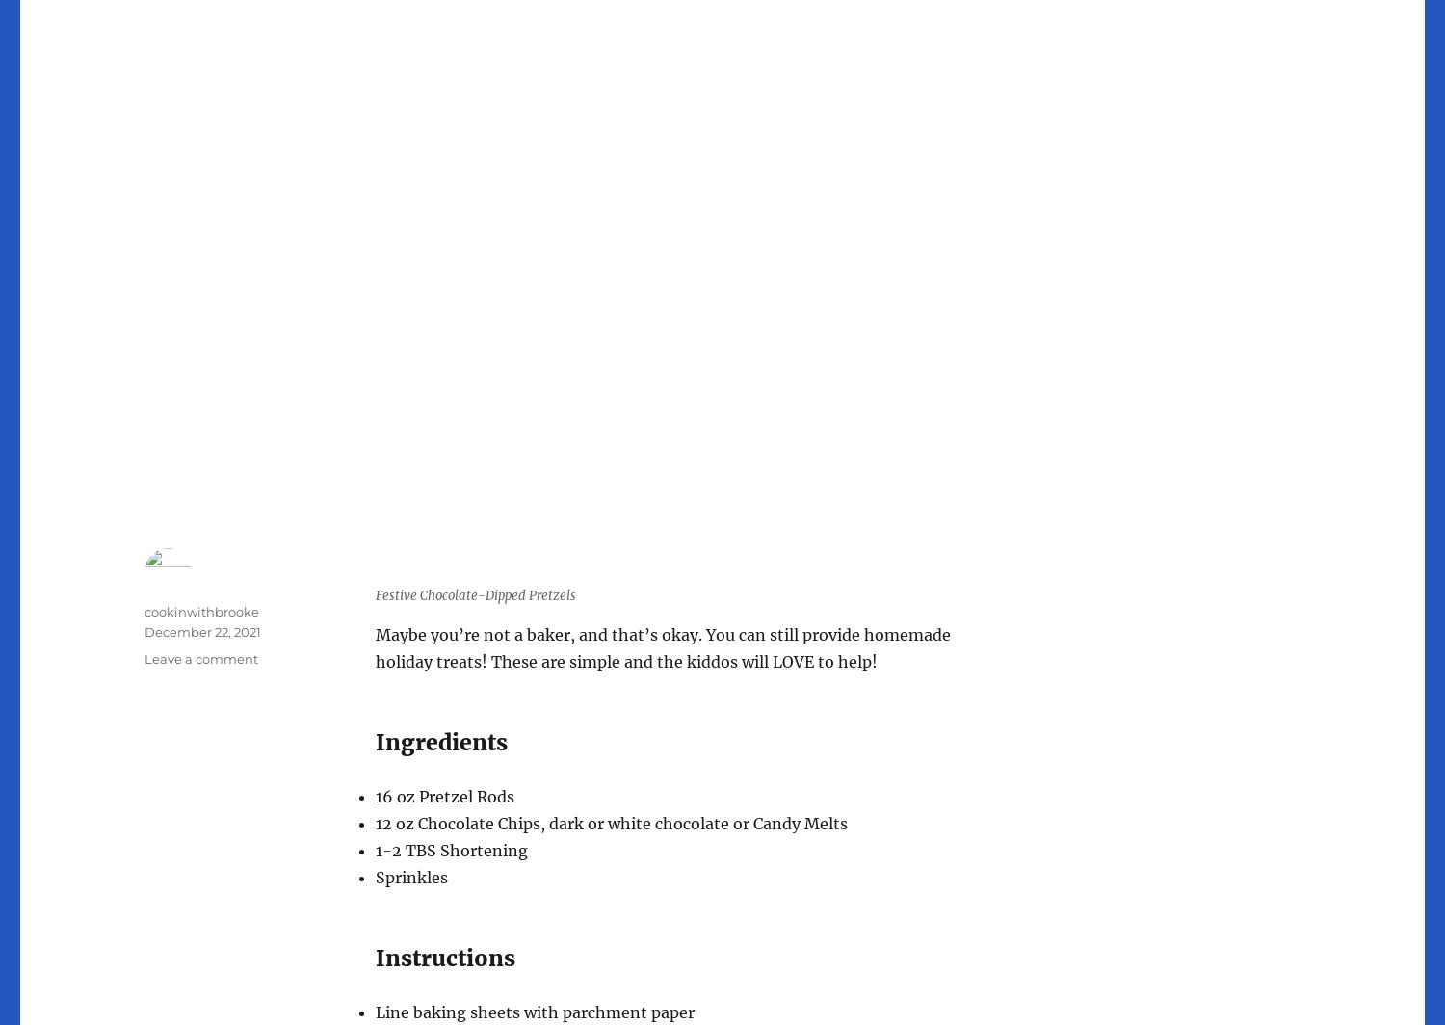  What do you see at coordinates (474, 595) in the screenshot?
I see `'Festive Chocolate-Dipped Pretzels'` at bounding box center [474, 595].